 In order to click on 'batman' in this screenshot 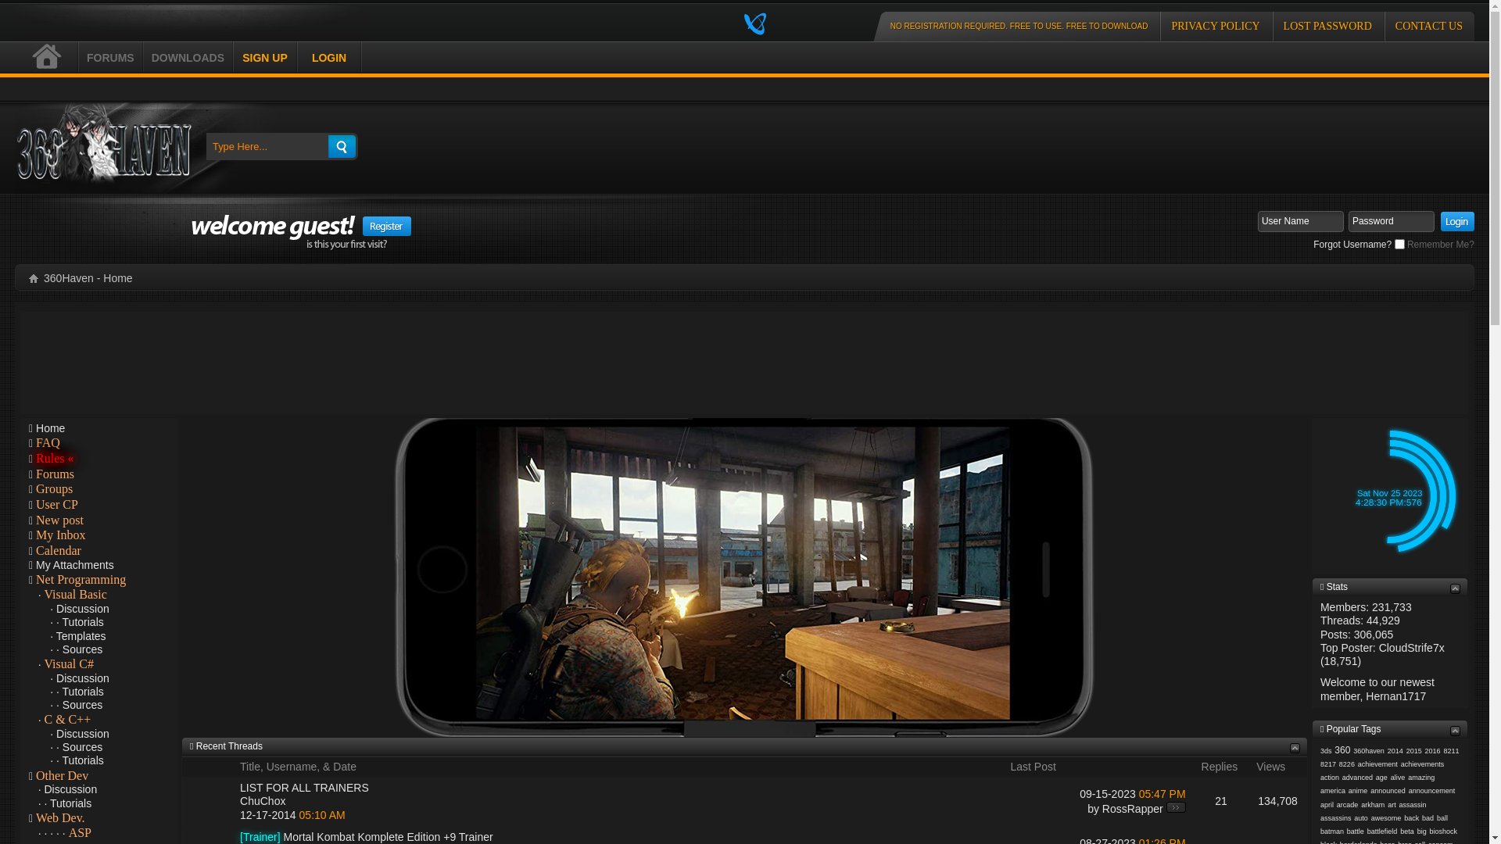, I will do `click(1331, 831)`.